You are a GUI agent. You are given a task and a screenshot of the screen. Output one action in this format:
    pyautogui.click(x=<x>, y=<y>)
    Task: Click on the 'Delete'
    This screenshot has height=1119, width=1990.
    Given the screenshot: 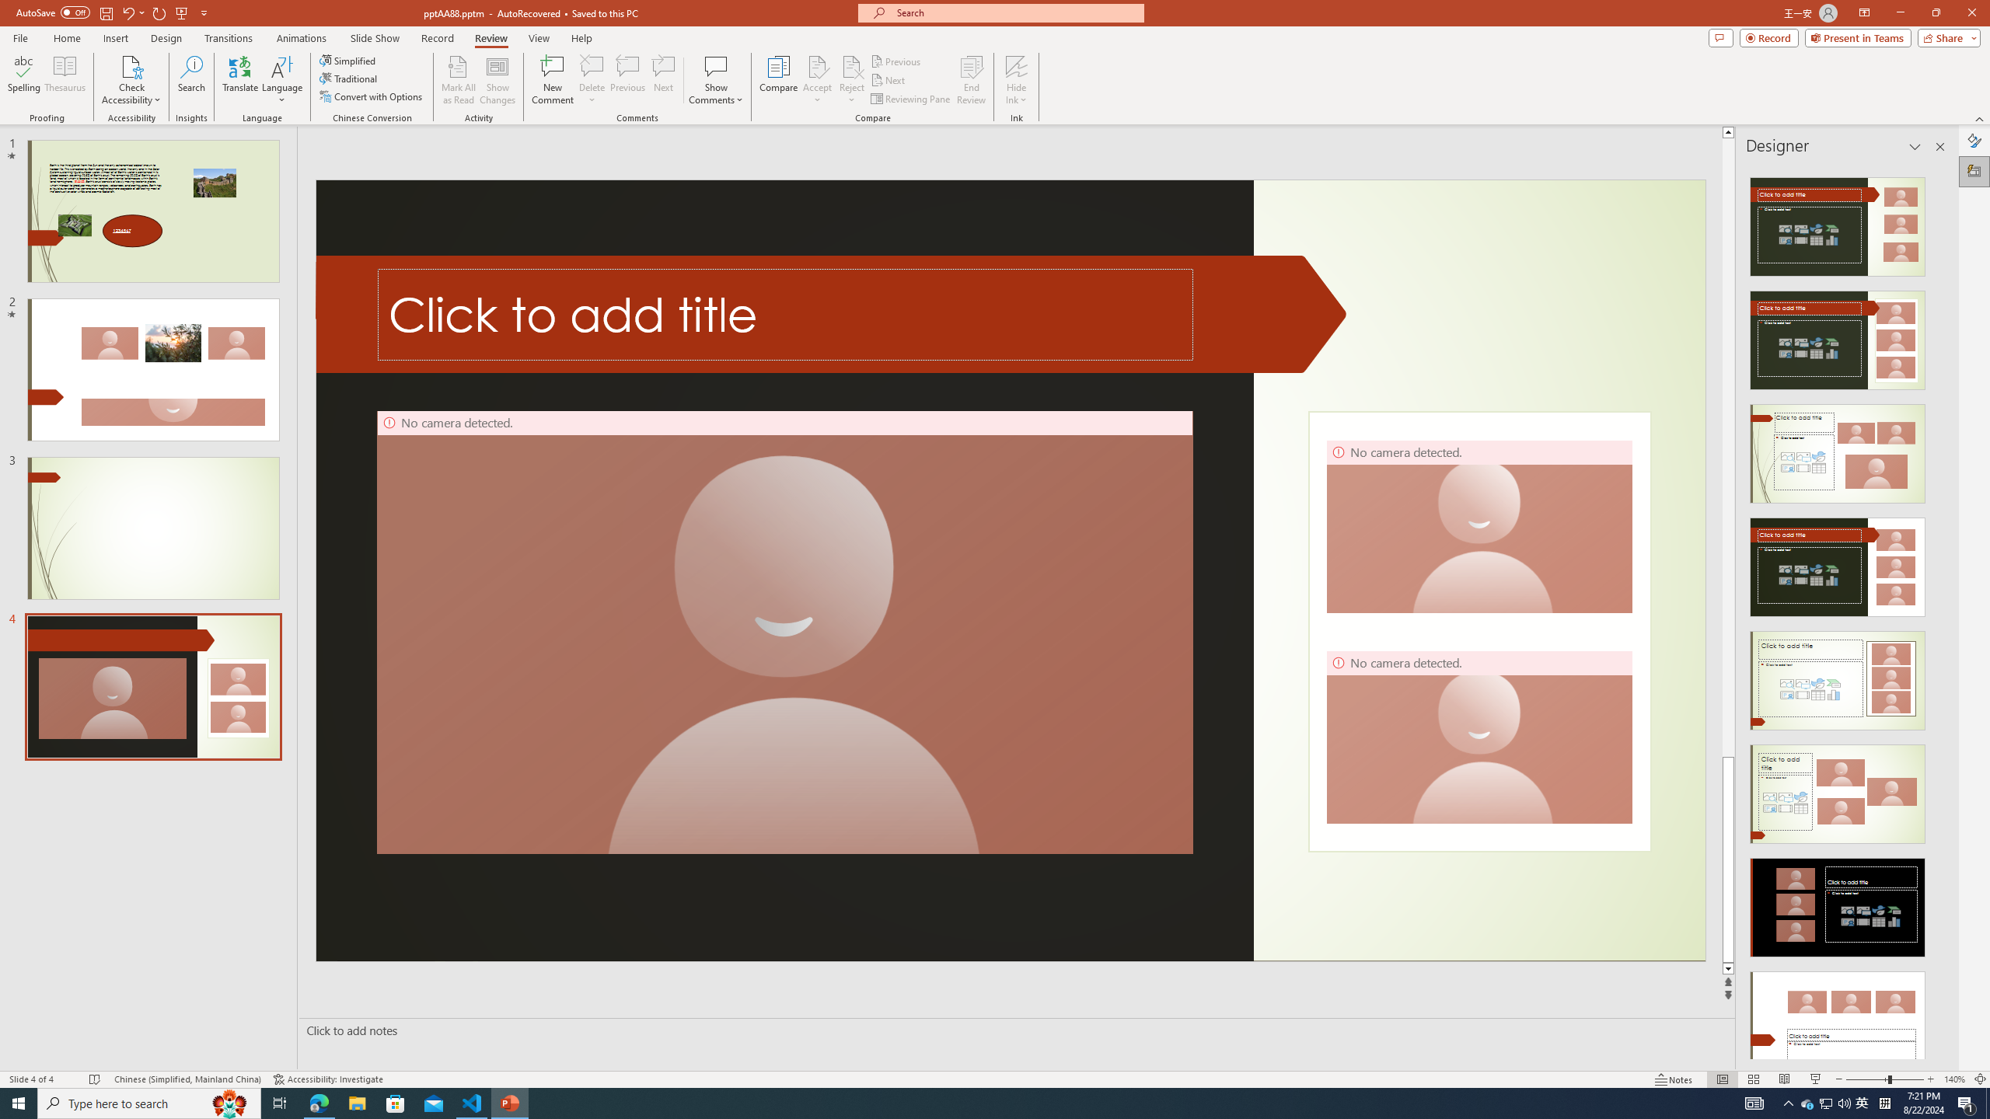 What is the action you would take?
    pyautogui.click(x=592, y=80)
    